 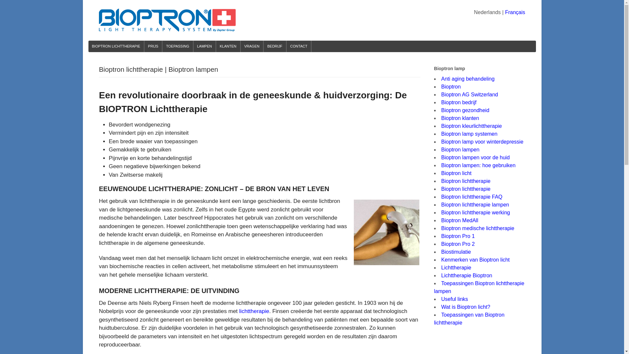 What do you see at coordinates (469, 133) in the screenshot?
I see `'Bioptron lamp systemen'` at bounding box center [469, 133].